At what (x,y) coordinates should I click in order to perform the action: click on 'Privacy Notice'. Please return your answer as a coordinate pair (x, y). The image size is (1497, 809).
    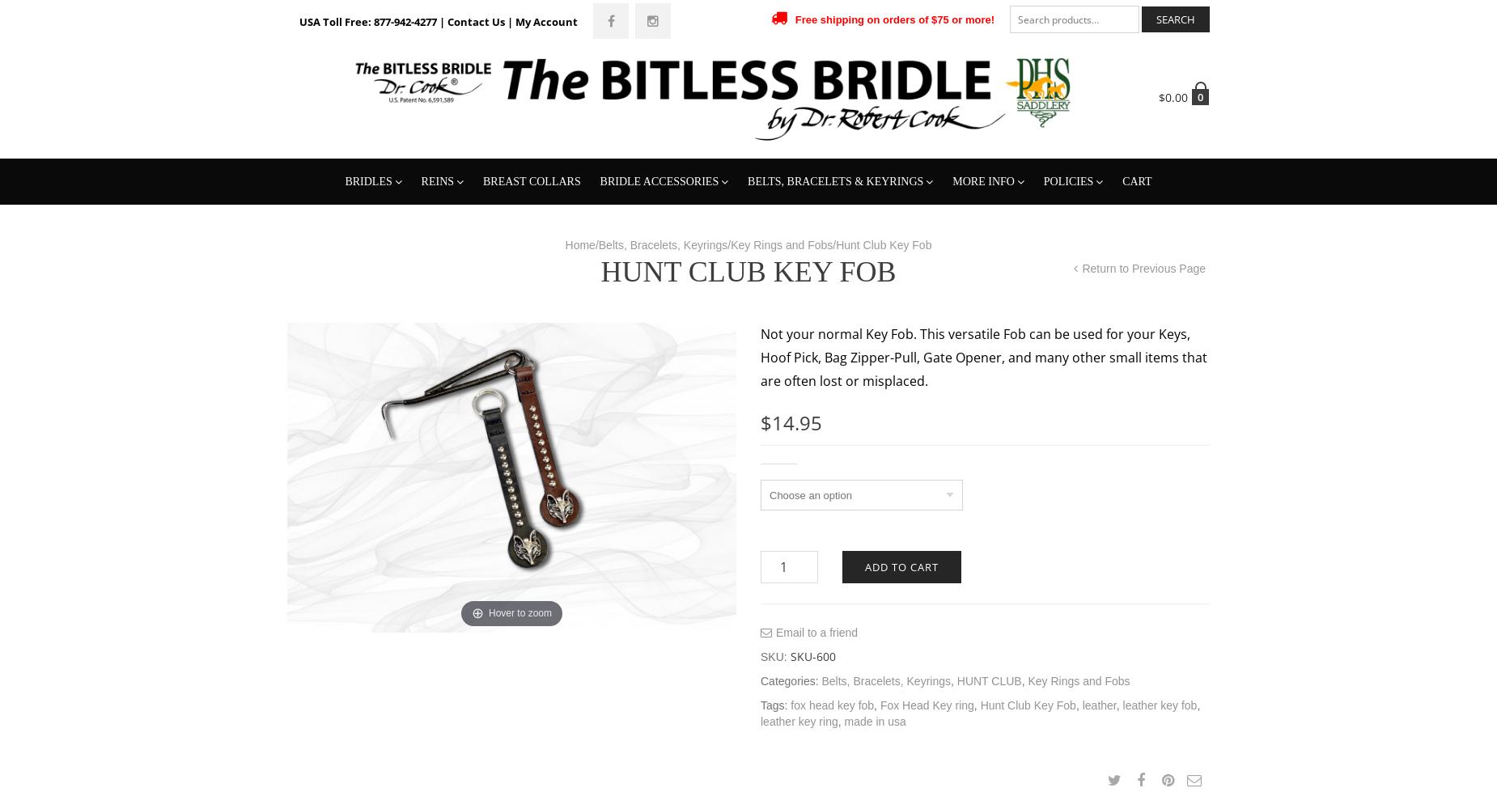
    Looking at the image, I should click on (1050, 257).